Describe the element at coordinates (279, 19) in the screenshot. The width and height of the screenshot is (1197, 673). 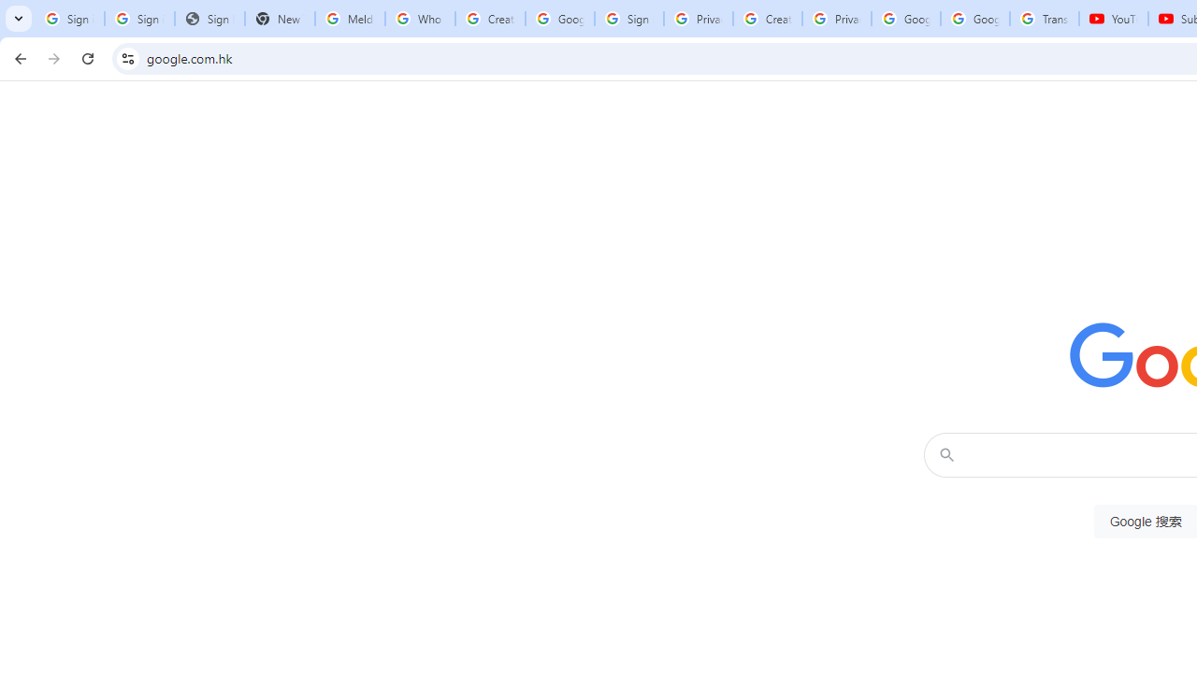
I see `'New Tab'` at that location.